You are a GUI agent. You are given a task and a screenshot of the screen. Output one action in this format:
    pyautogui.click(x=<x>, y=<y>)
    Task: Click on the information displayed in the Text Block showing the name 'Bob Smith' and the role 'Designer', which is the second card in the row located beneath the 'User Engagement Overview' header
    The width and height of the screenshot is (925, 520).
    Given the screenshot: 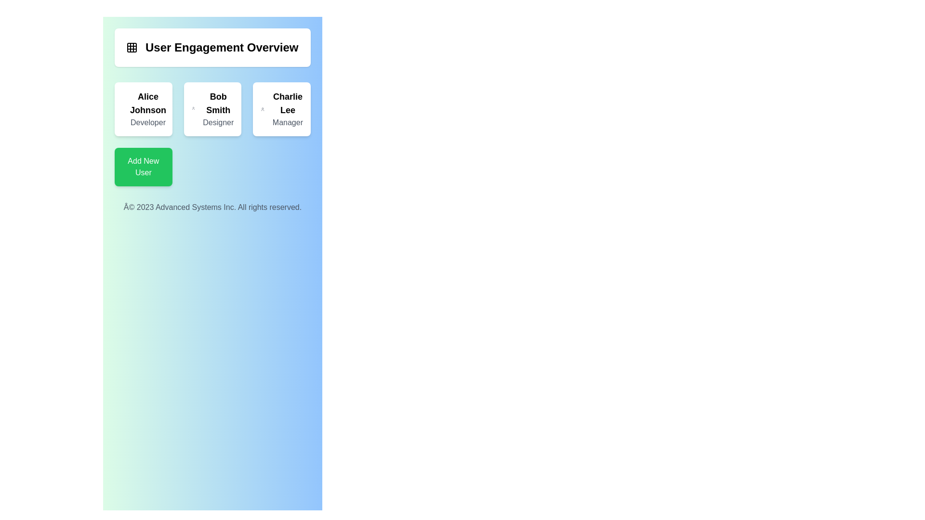 What is the action you would take?
    pyautogui.click(x=218, y=109)
    